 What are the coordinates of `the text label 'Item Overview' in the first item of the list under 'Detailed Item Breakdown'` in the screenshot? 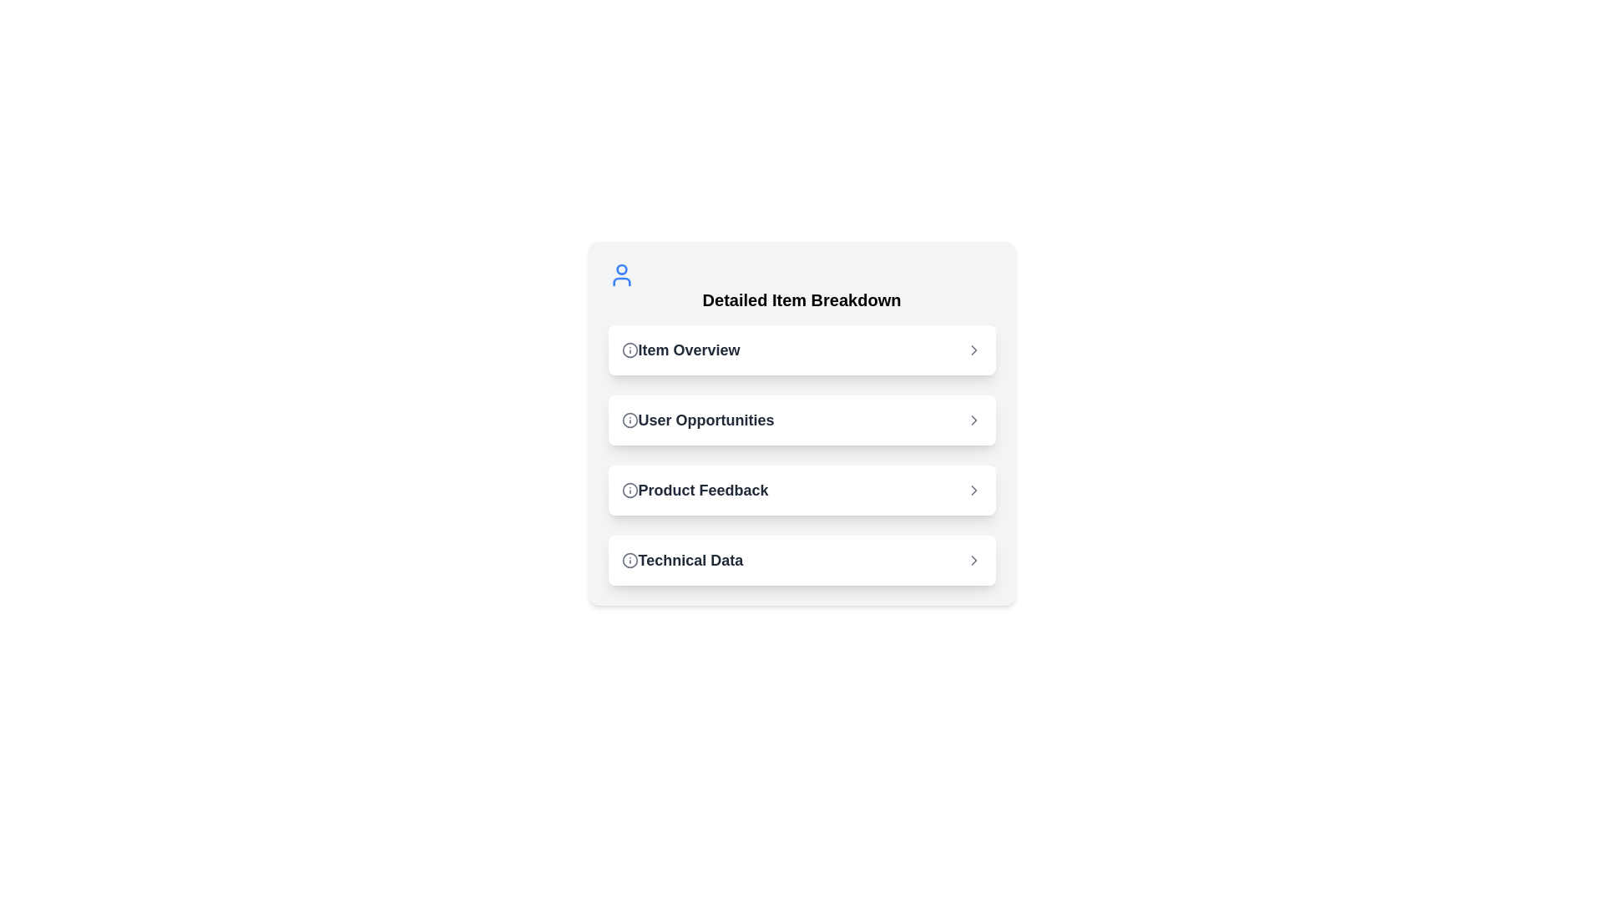 It's located at (680, 350).